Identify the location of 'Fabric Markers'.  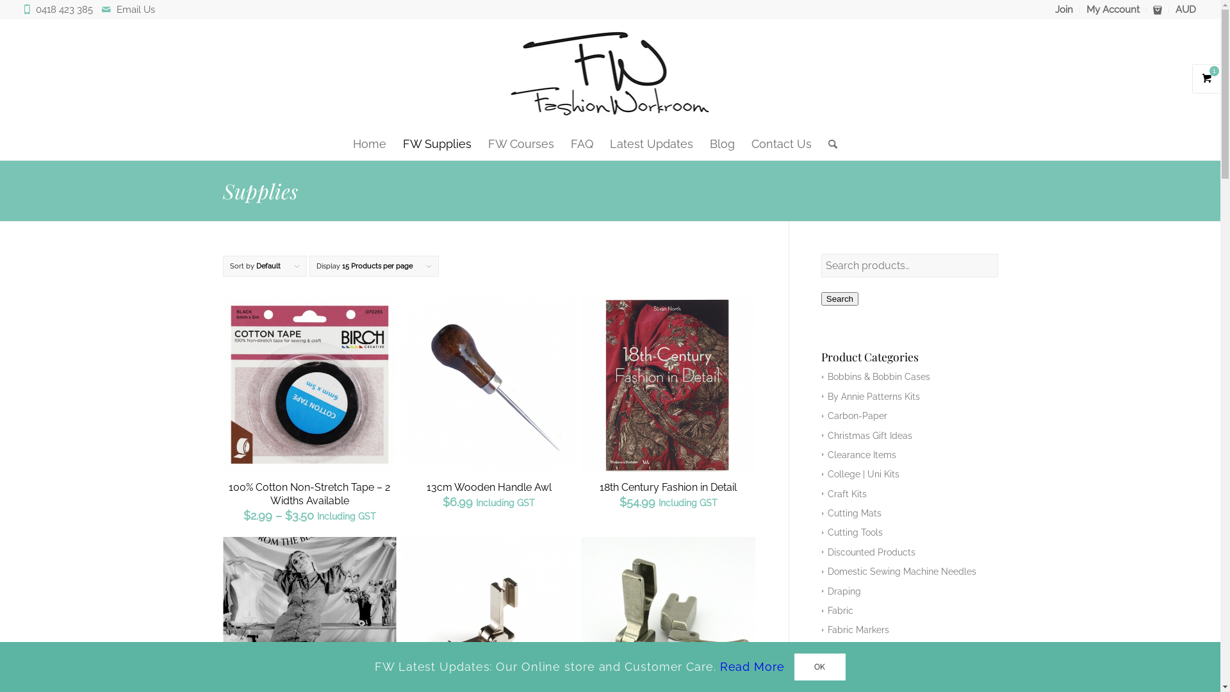
(855, 629).